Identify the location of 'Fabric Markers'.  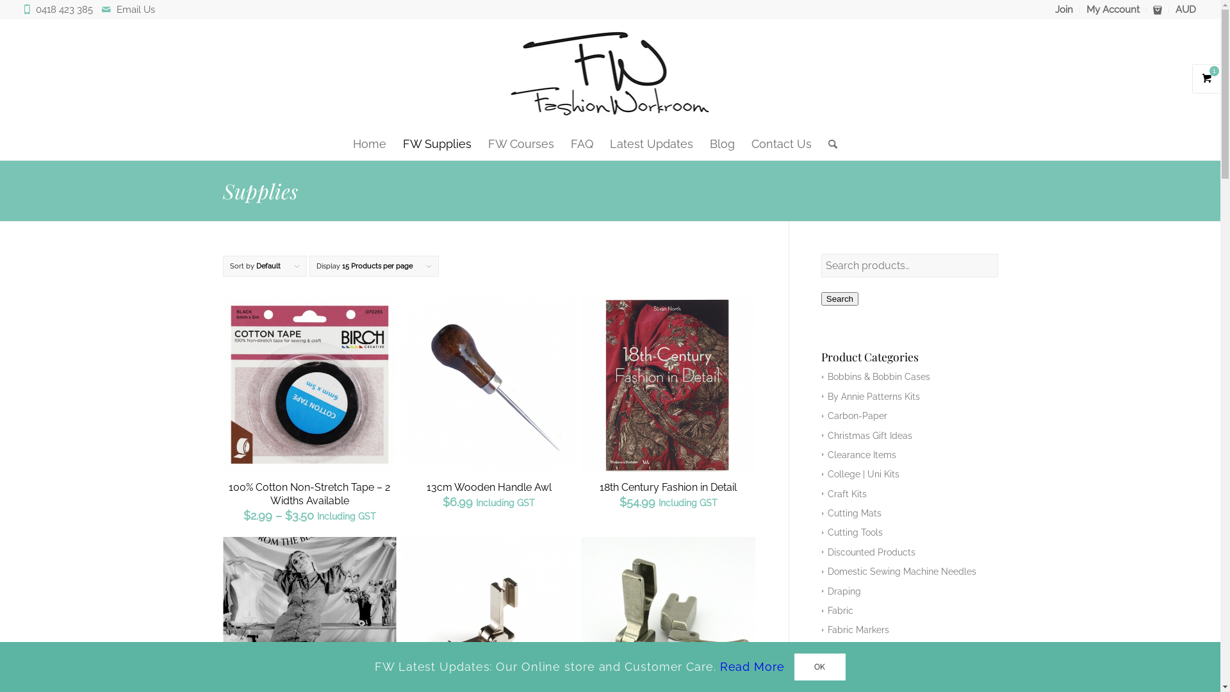
(855, 629).